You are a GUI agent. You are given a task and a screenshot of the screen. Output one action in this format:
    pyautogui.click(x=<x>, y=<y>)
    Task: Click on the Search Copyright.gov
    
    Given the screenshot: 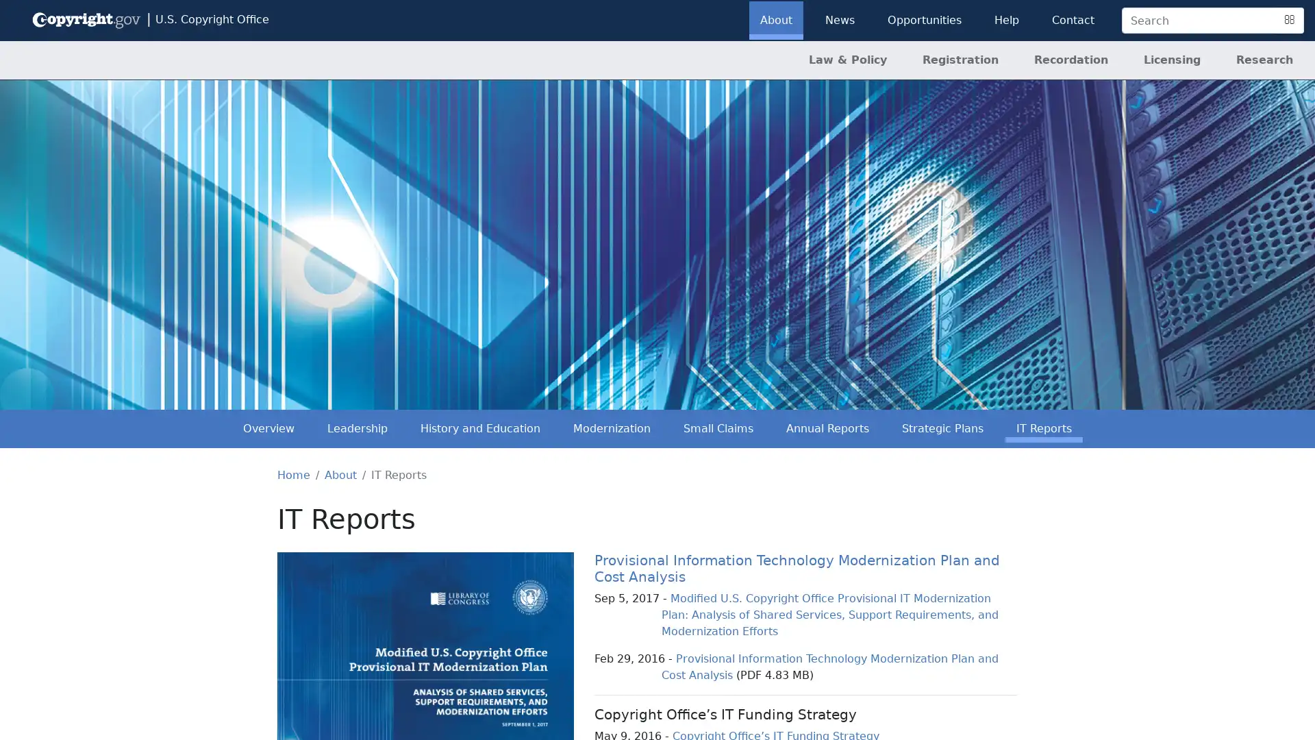 What is the action you would take?
    pyautogui.click(x=1289, y=21)
    